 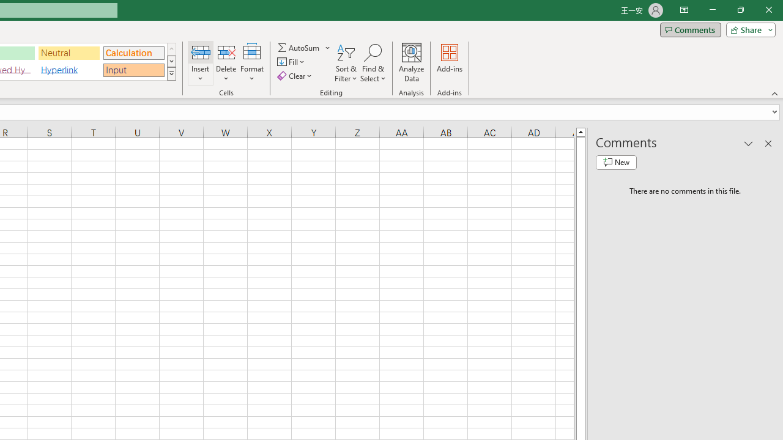 What do you see at coordinates (226, 51) in the screenshot?
I see `'Delete Cells...'` at bounding box center [226, 51].